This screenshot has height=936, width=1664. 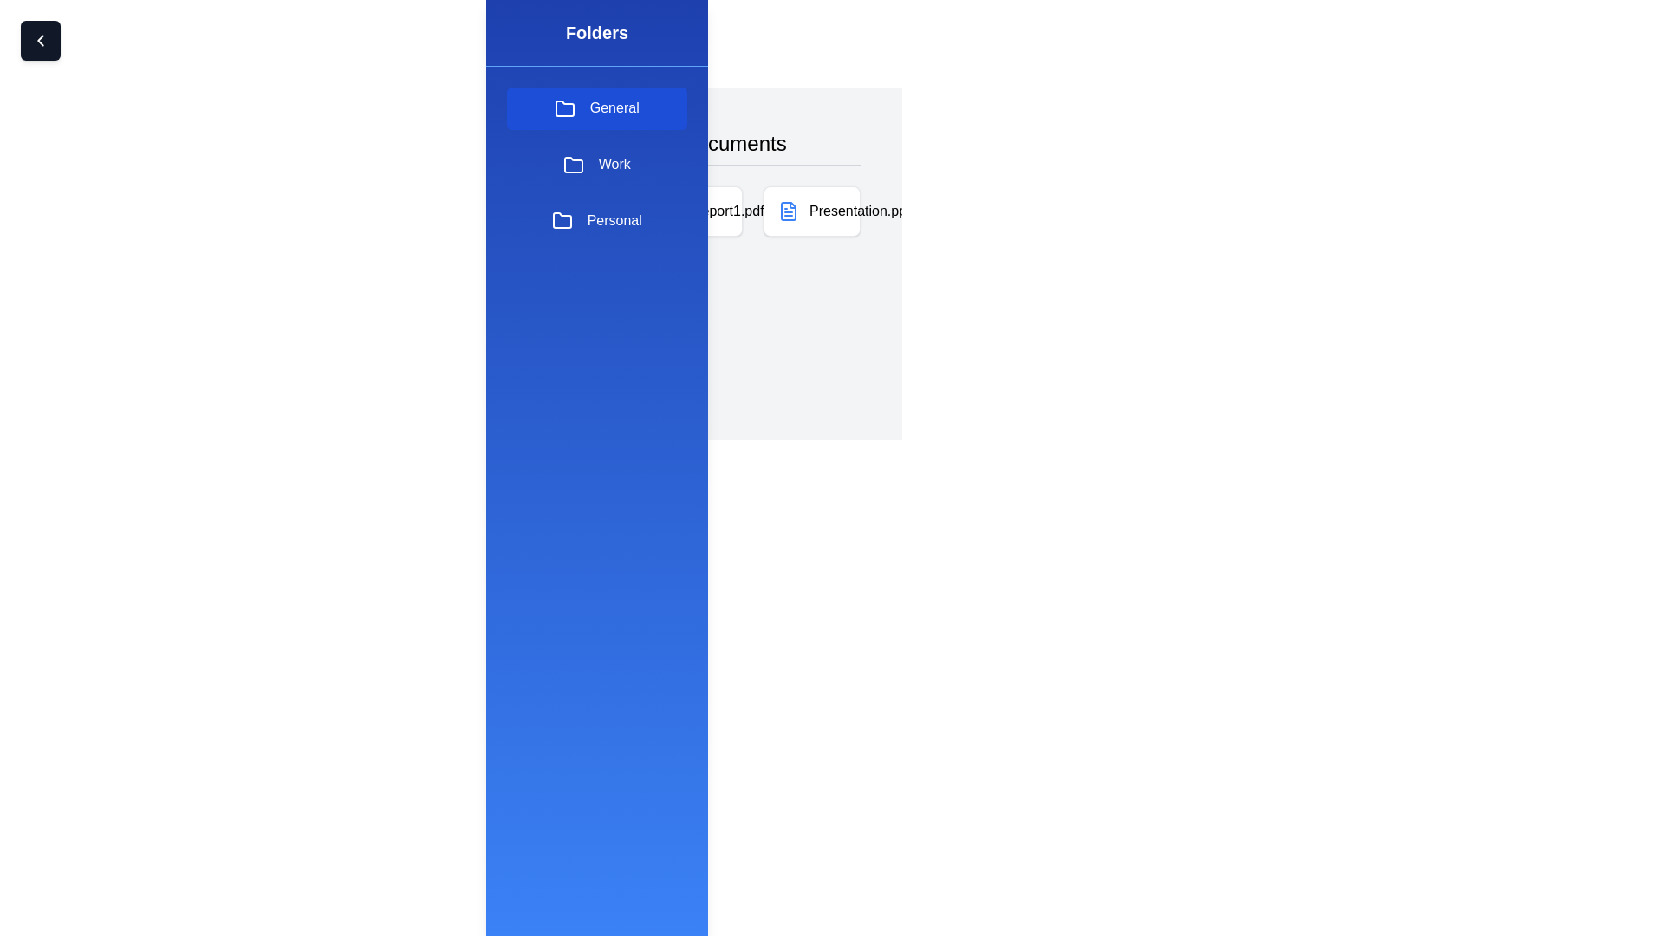 What do you see at coordinates (574, 165) in the screenshot?
I see `the folder icon, which is a minimalistic white icon located to the left of the text 'Work' in the Folders section` at bounding box center [574, 165].